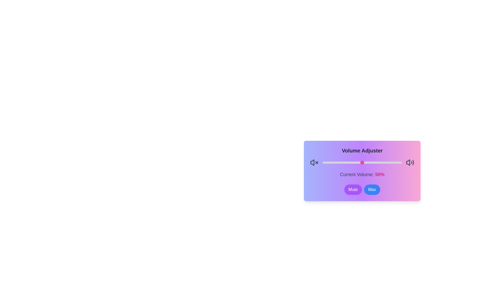  Describe the element at coordinates (400, 162) in the screenshot. I see `the volume to 98 percent by dragging the slider` at that location.